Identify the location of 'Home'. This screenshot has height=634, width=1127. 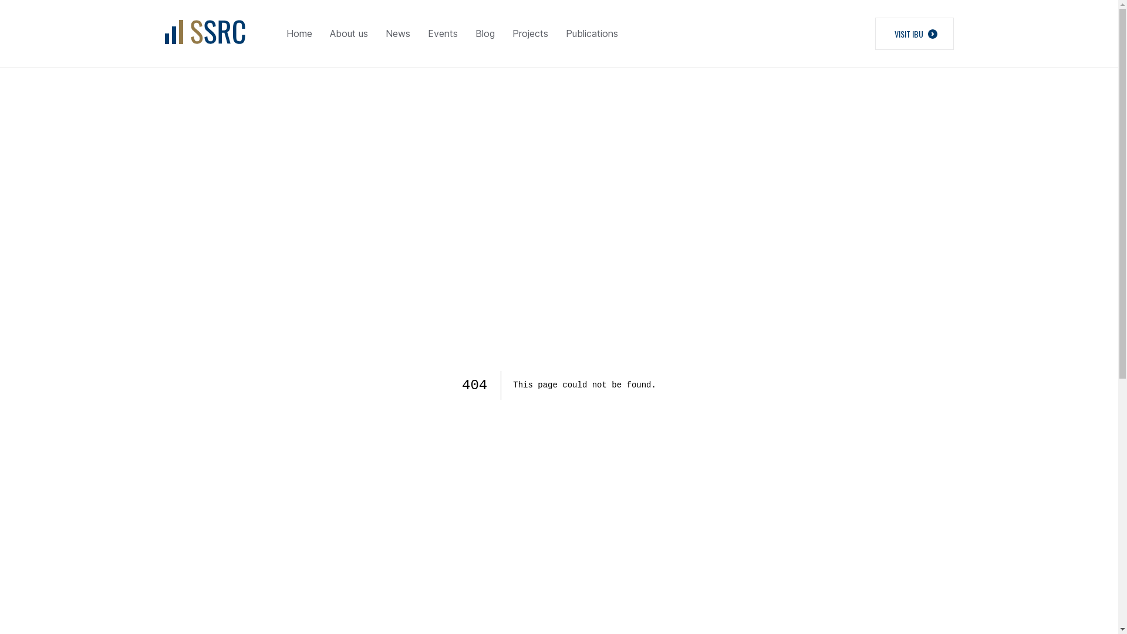
(286, 33).